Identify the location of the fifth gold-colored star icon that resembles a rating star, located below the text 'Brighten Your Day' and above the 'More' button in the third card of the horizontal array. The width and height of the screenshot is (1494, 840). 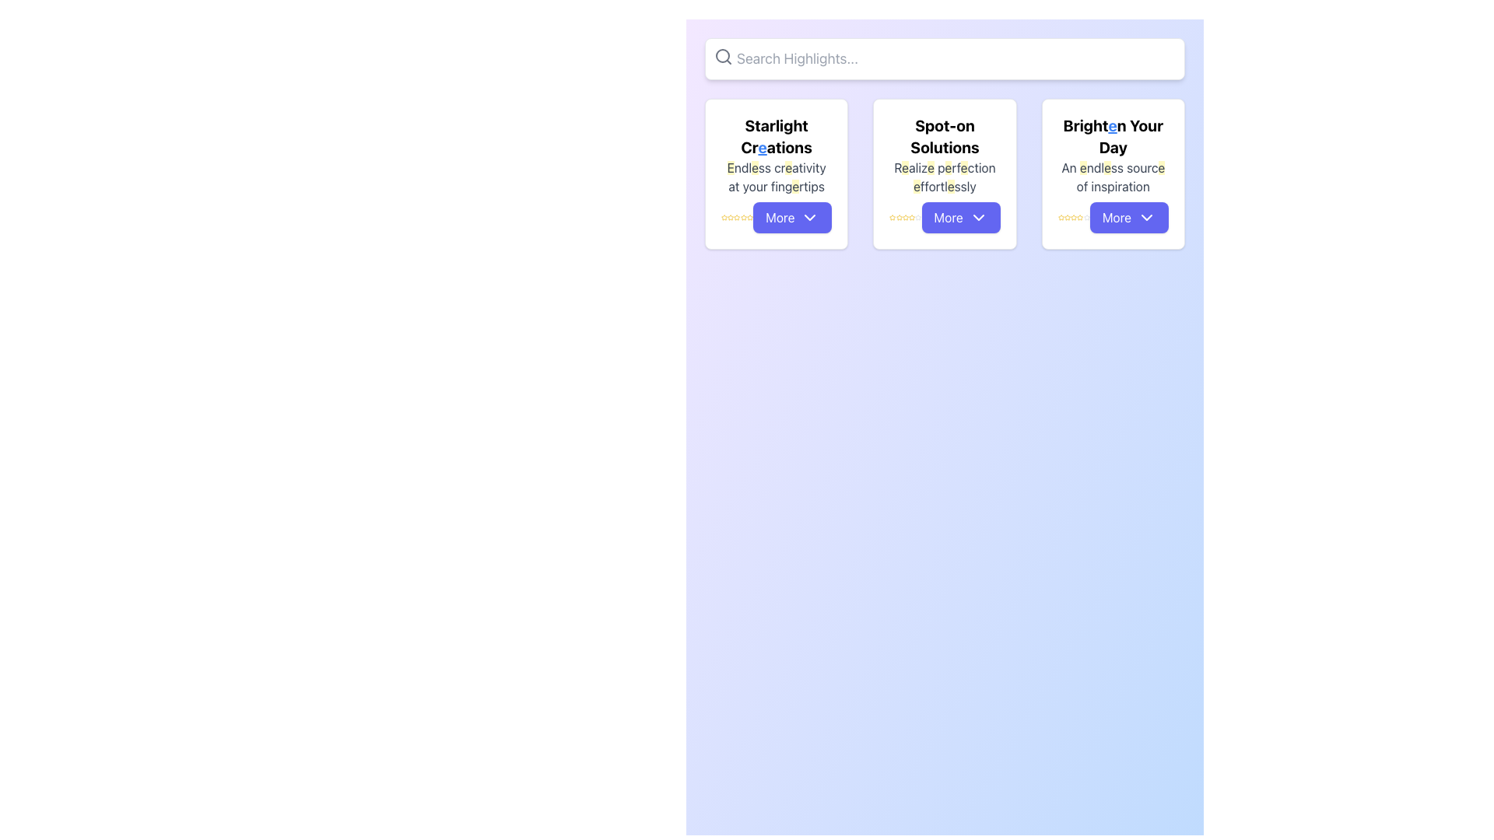
(1079, 218).